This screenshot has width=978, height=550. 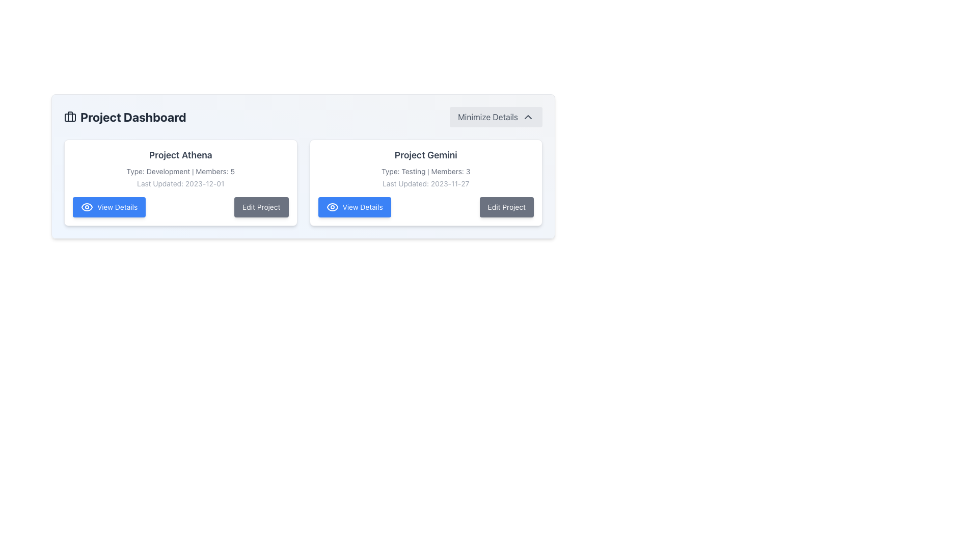 I want to click on the 'Project Gemini' text label, which is bold and larger in font size, positioned at the top of its project card layout on the right side of the dashboard, so click(x=426, y=155).